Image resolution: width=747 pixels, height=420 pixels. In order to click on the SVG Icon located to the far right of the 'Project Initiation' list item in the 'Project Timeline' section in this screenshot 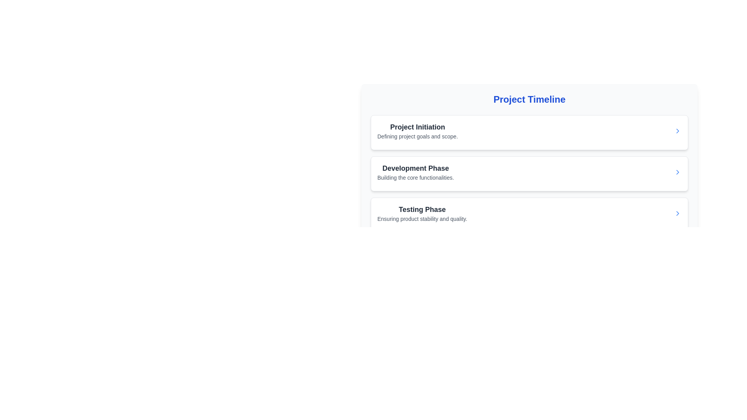, I will do `click(677, 130)`.